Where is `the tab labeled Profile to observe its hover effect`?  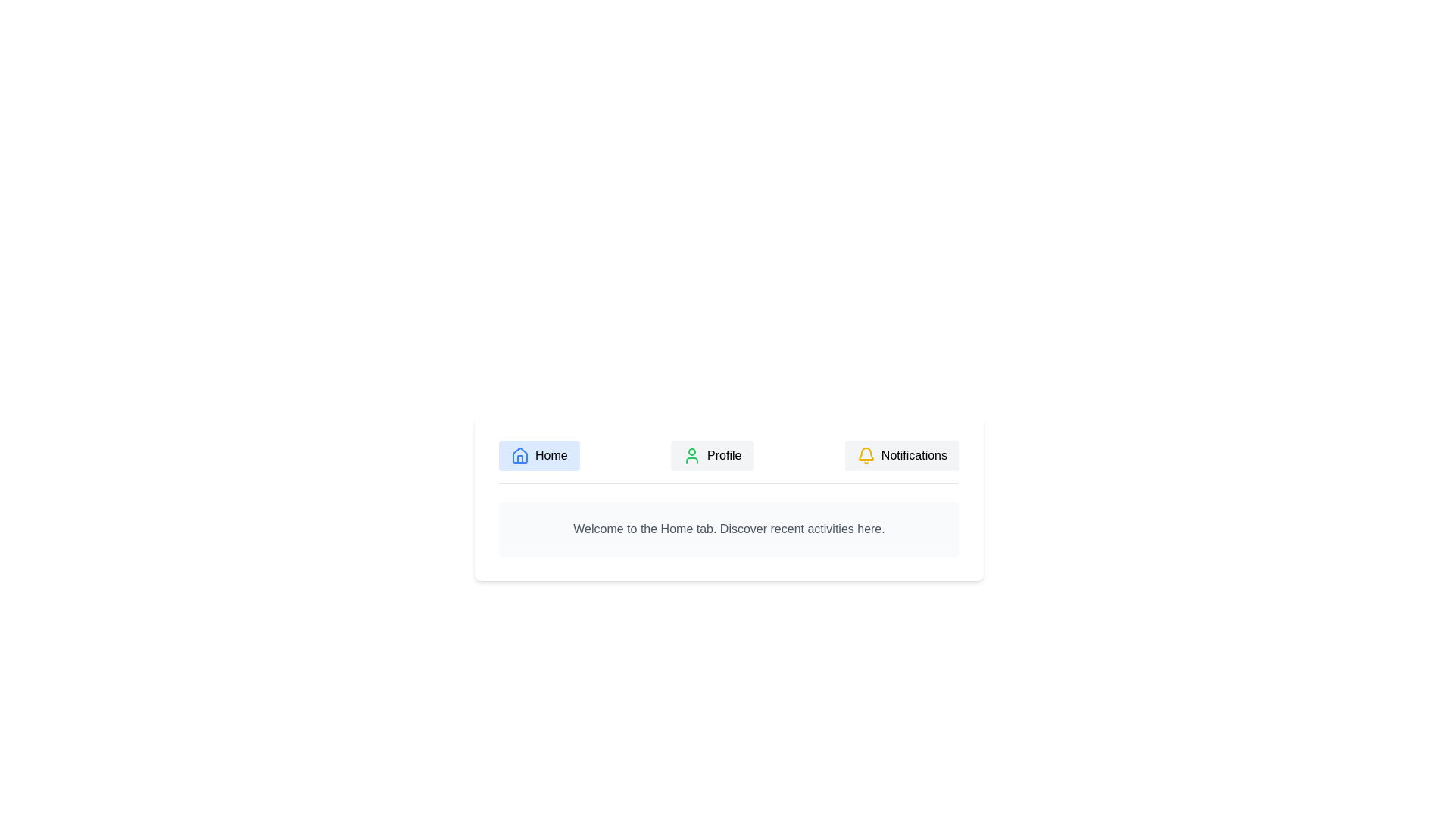
the tab labeled Profile to observe its hover effect is located at coordinates (711, 454).